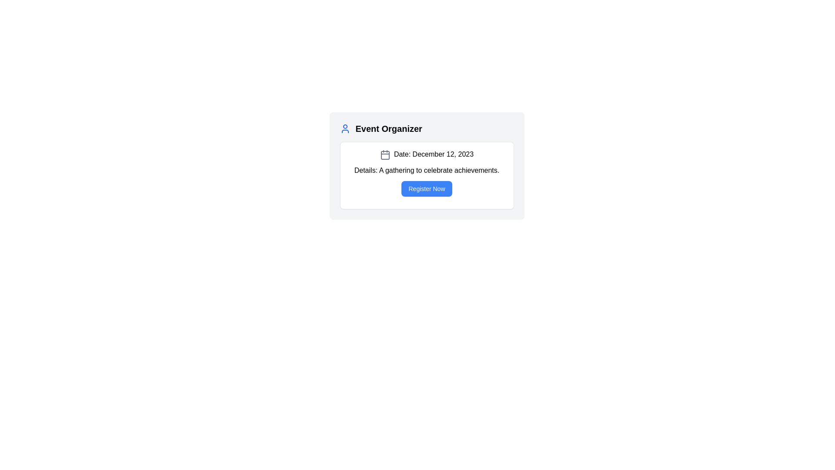  What do you see at coordinates (427, 188) in the screenshot?
I see `the registration button located centrally within the 'Event Organizer' card to initiate the registration process` at bounding box center [427, 188].